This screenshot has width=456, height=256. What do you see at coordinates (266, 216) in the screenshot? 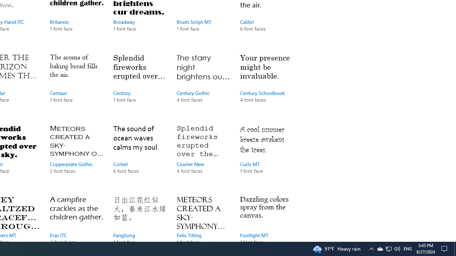
I see `'Footlight MT, 1 font face'` at bounding box center [266, 216].